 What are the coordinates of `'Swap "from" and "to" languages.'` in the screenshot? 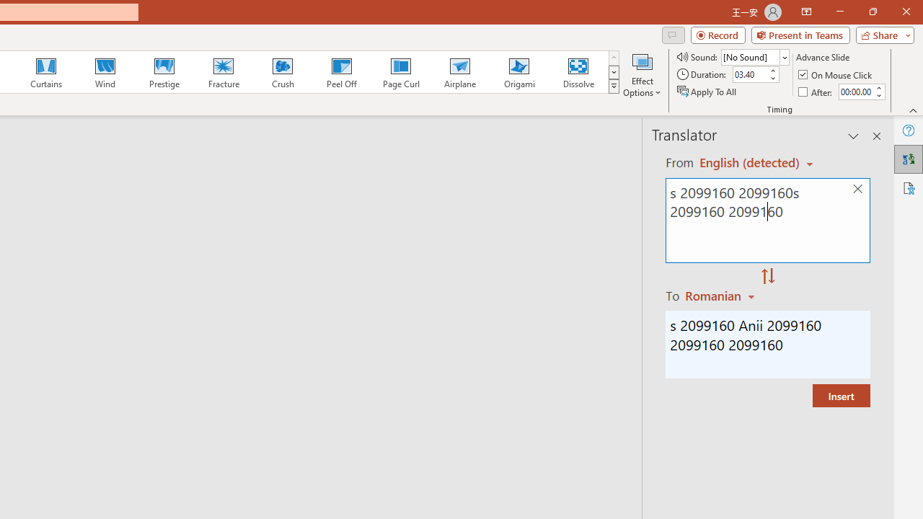 It's located at (767, 277).